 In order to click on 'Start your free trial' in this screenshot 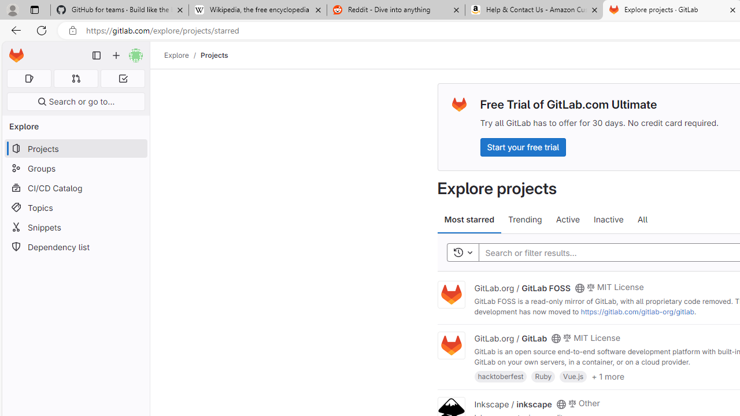, I will do `click(522, 146)`.